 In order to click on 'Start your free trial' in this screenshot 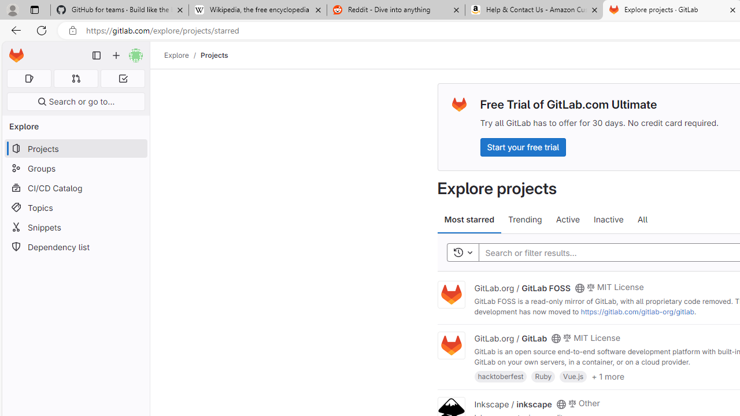, I will do `click(522, 146)`.